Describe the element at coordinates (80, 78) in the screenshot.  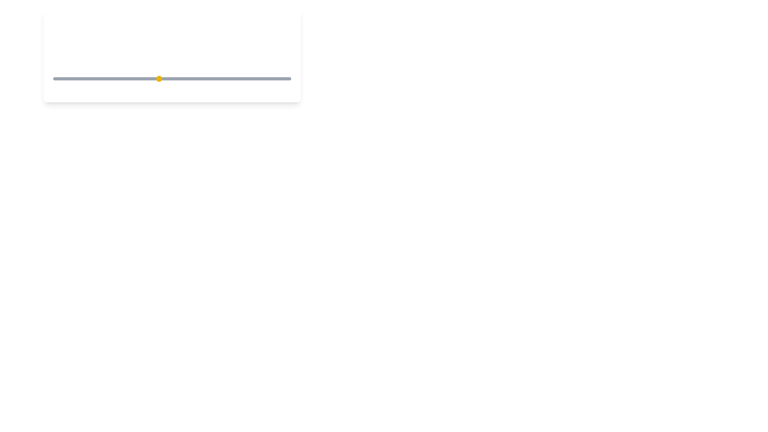
I see `the coffee strength to 2 by moving the slider` at that location.